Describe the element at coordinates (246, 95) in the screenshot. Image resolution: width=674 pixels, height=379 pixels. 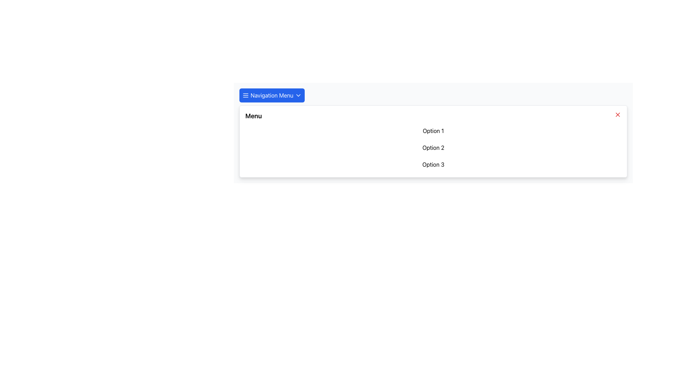
I see `the icon positioned to the left of the 'Navigation Menu' text` at that location.